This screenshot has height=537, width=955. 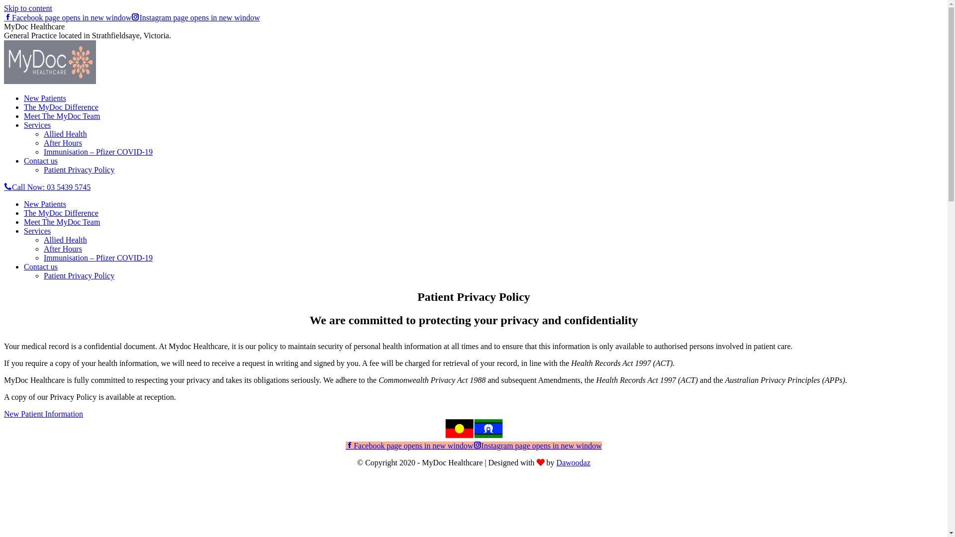 I want to click on 'Instagram page opens in new window', so click(x=537, y=445).